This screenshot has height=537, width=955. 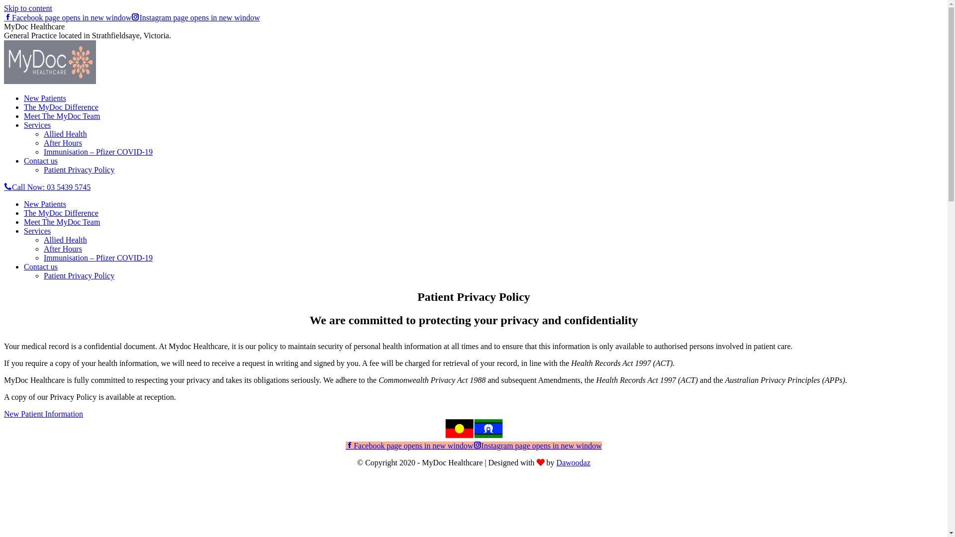 I want to click on 'Instagram page opens in new window', so click(x=537, y=445).